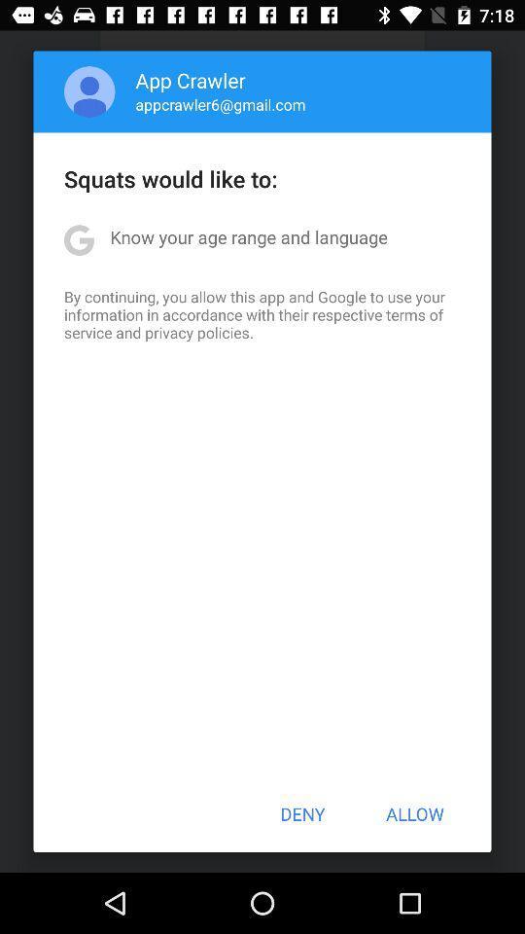 The height and width of the screenshot is (934, 525). Describe the element at coordinates (220, 104) in the screenshot. I see `the app below app crawler` at that location.